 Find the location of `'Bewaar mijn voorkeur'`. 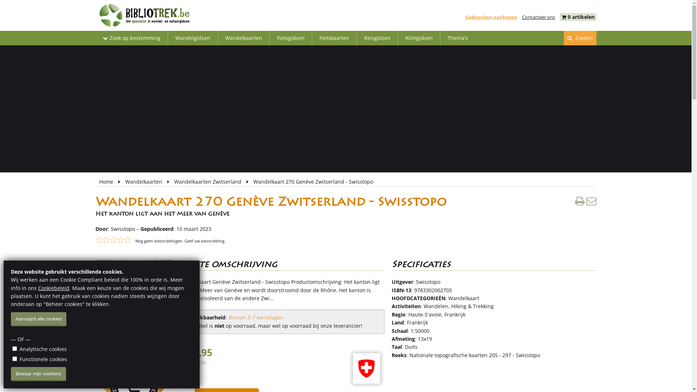

'Bewaar mijn voorkeur' is located at coordinates (38, 374).